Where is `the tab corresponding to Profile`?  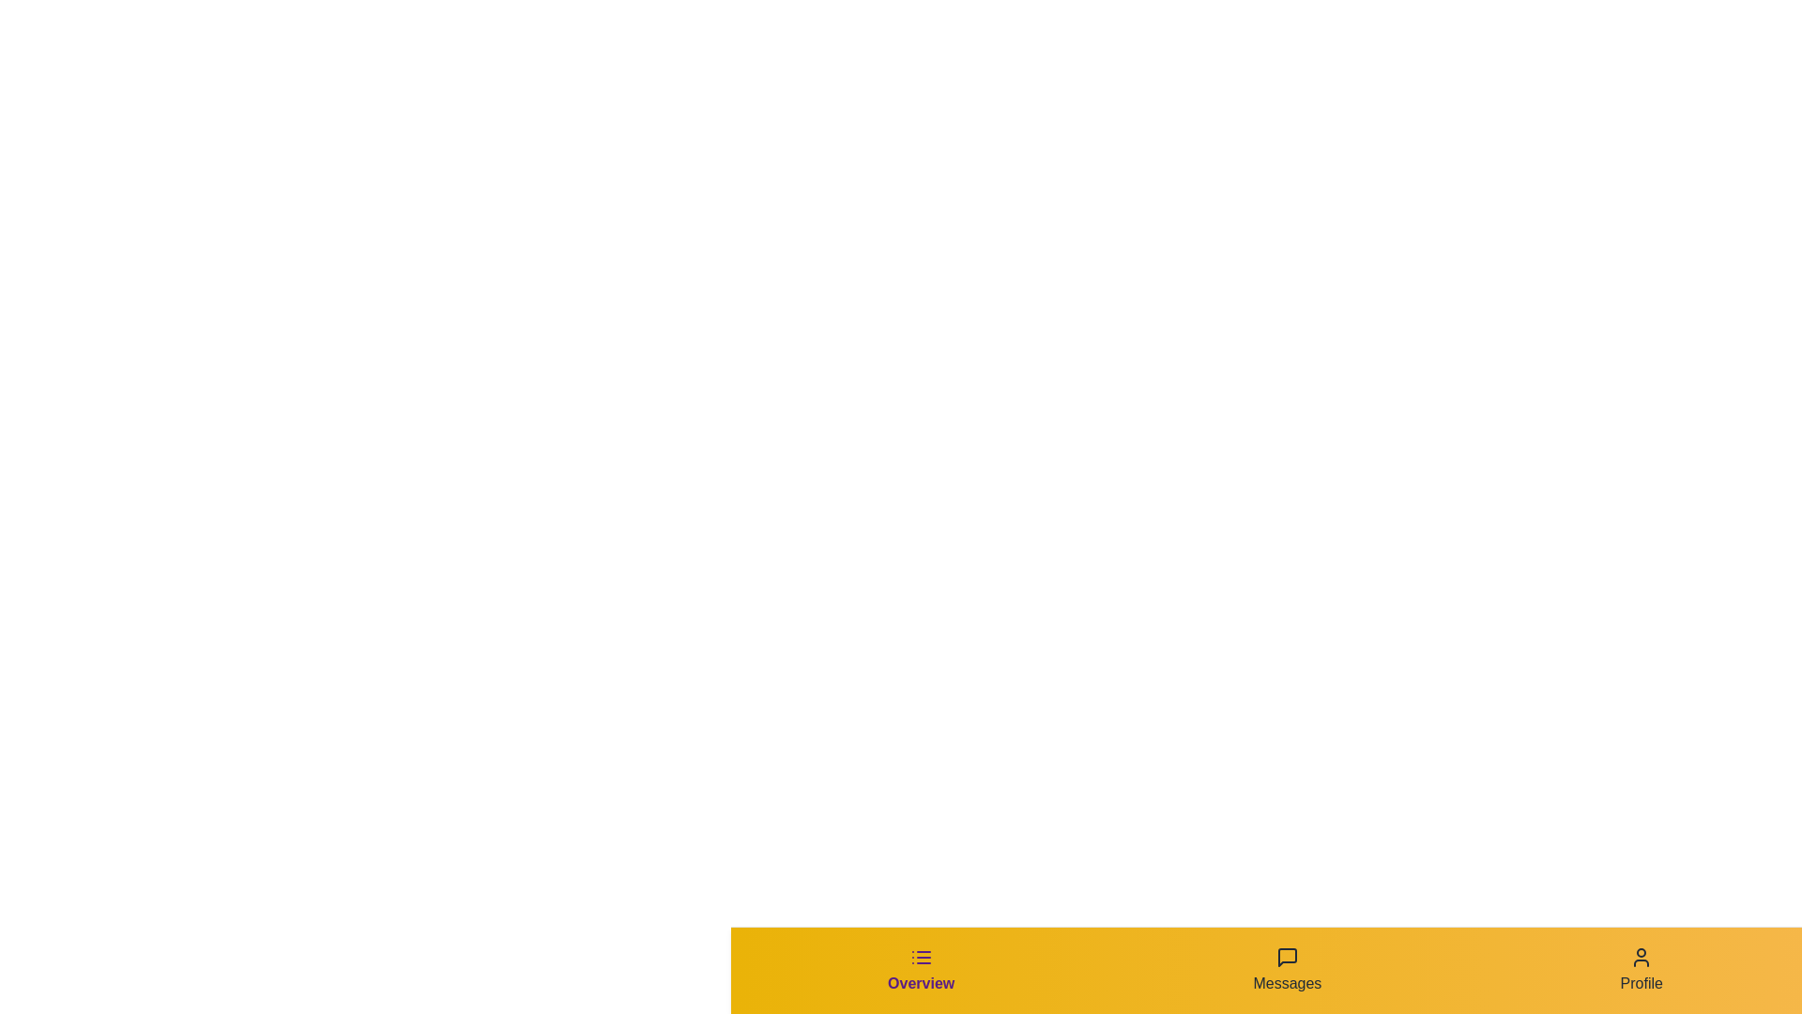
the tab corresponding to Profile is located at coordinates (1640, 970).